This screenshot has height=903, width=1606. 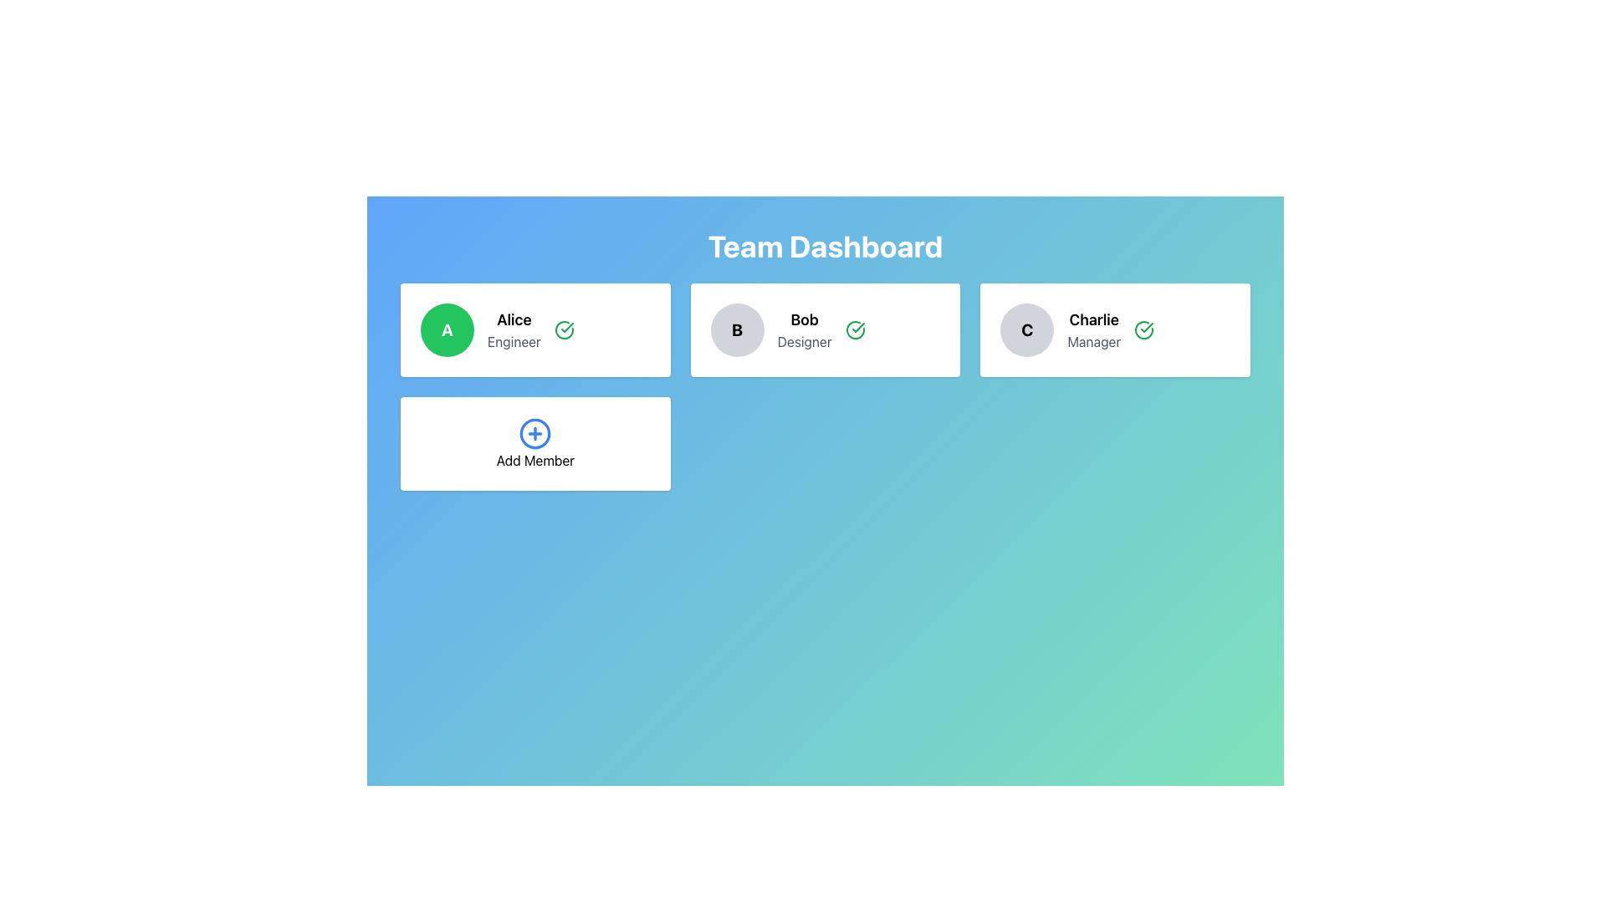 I want to click on the verification icon for the profile associated with 'Charlie', located next to the text 'Manager' in the third column of the grid layout, so click(x=1143, y=329).